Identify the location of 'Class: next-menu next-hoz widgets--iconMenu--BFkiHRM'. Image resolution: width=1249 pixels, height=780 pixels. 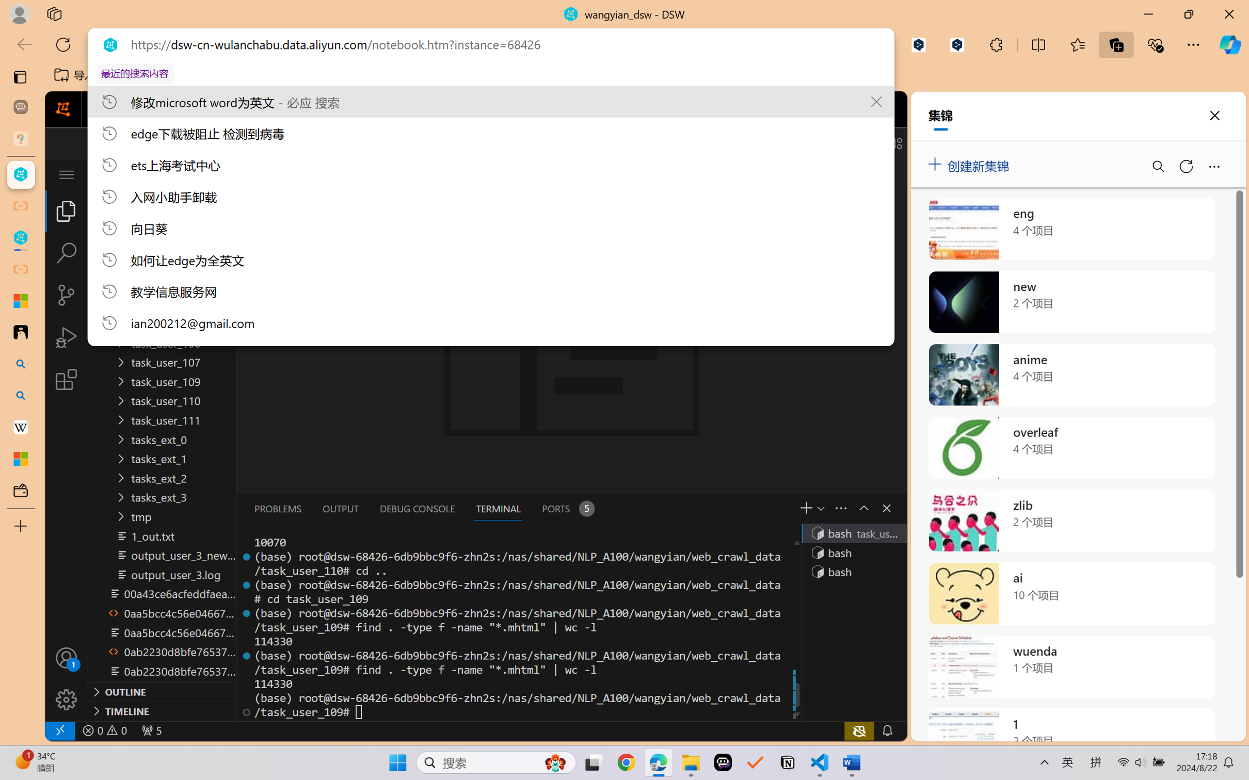
(837, 109).